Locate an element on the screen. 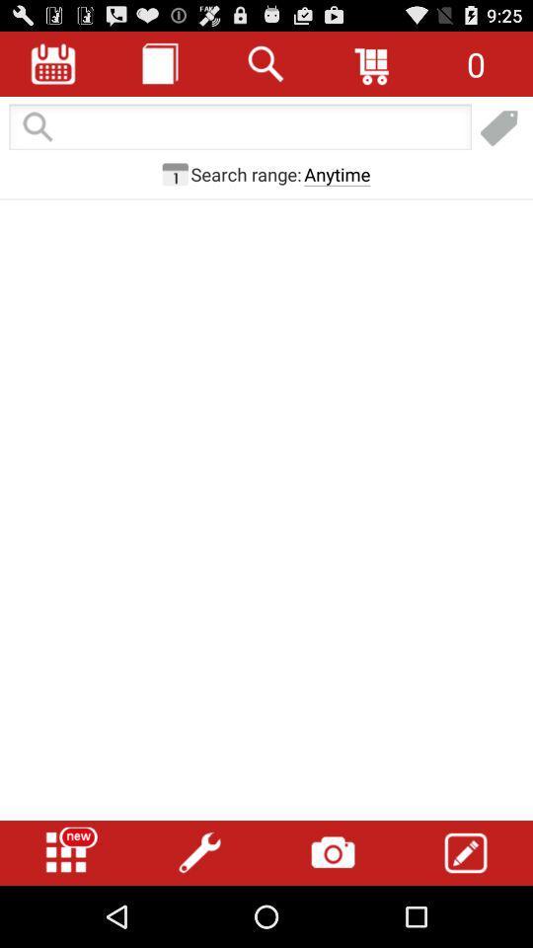 Image resolution: width=533 pixels, height=948 pixels. take photo is located at coordinates (333, 852).